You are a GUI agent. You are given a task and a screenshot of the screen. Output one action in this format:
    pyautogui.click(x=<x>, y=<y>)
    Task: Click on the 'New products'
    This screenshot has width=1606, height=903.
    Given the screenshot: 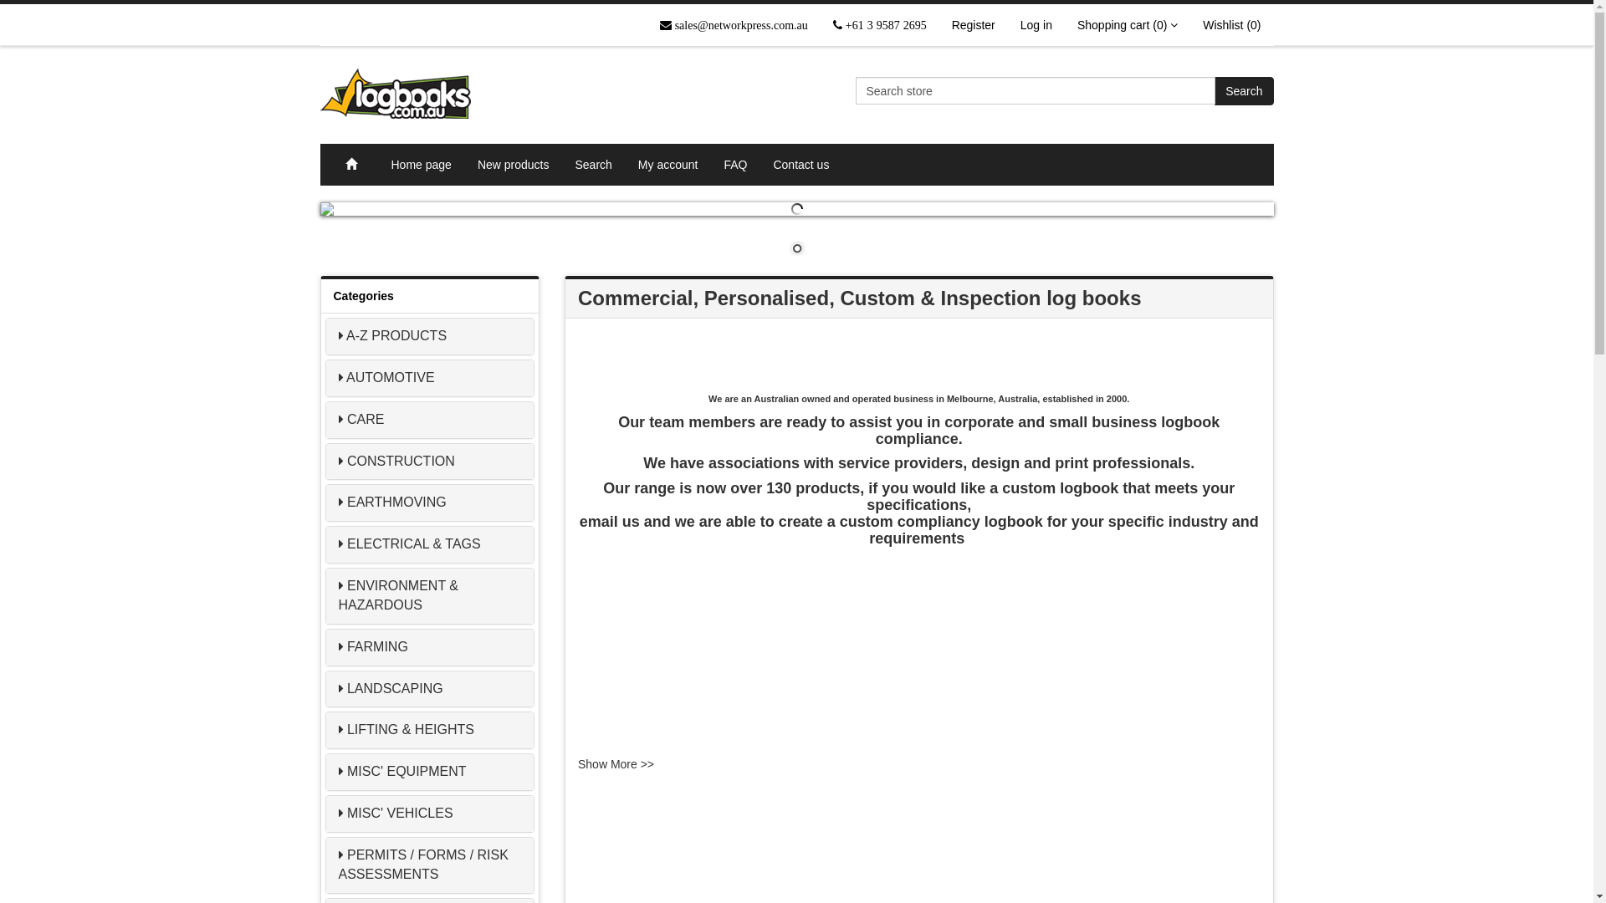 What is the action you would take?
    pyautogui.click(x=513, y=164)
    